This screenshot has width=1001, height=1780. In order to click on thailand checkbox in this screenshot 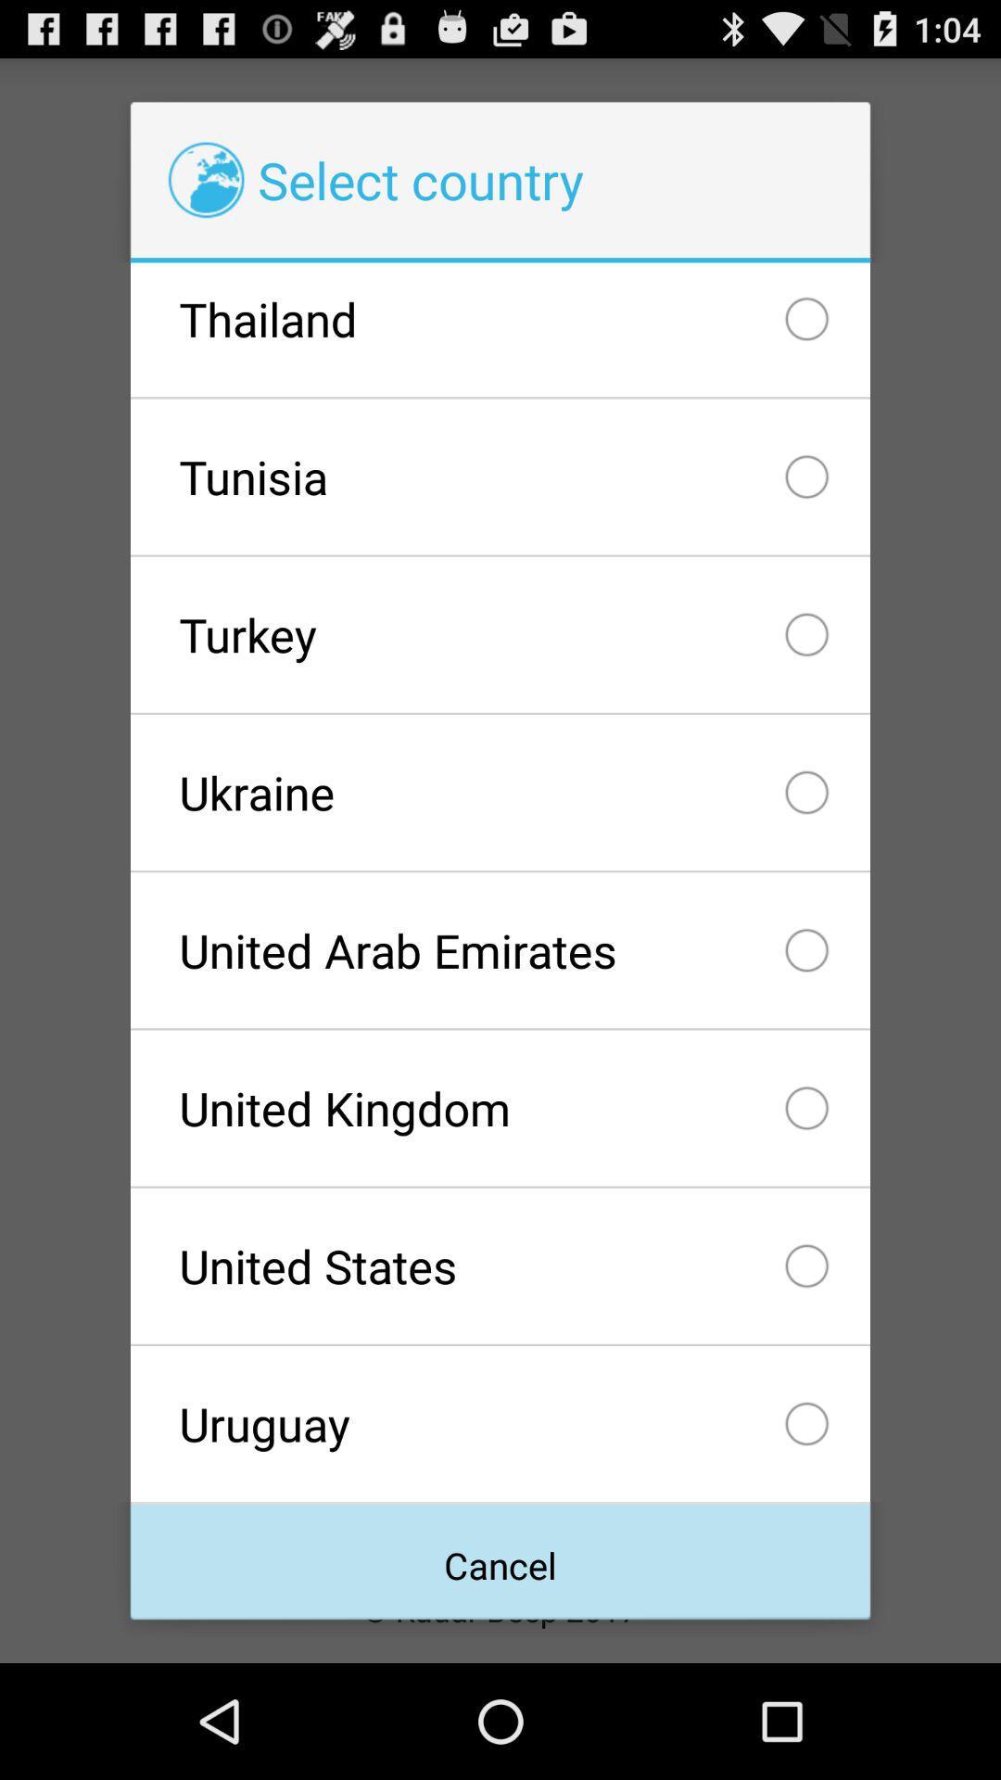, I will do `click(500, 329)`.